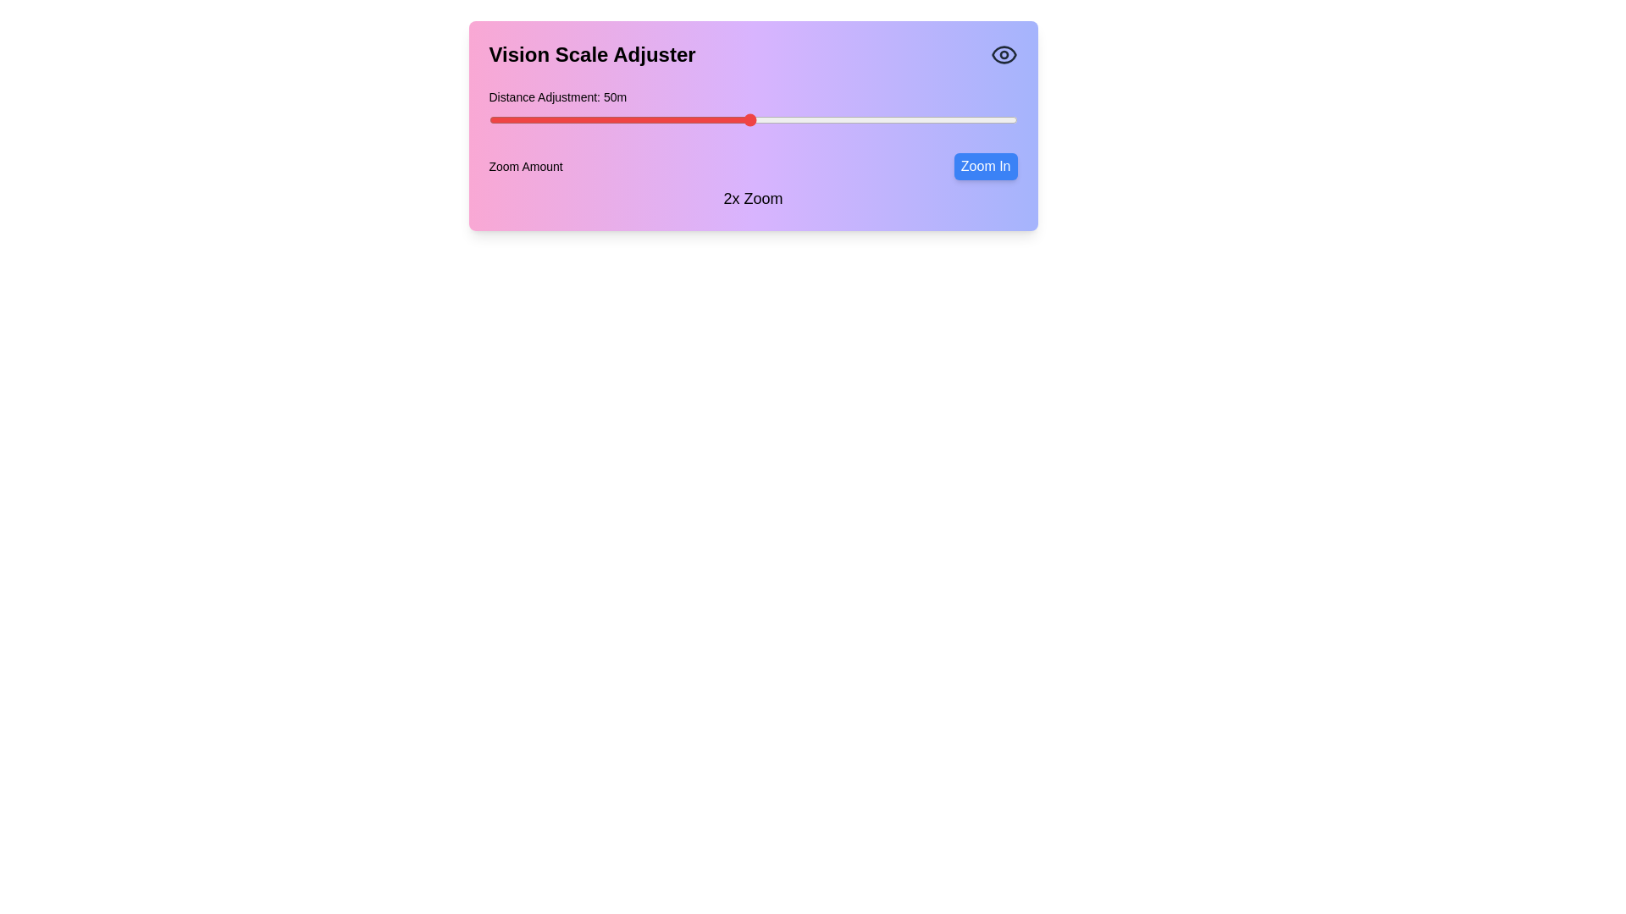  Describe the element at coordinates (985, 166) in the screenshot. I see `the 'Zoom In' button, which is a rectangular button with a blue background and white text, located in the bottom-right corner of the card-like component` at that location.